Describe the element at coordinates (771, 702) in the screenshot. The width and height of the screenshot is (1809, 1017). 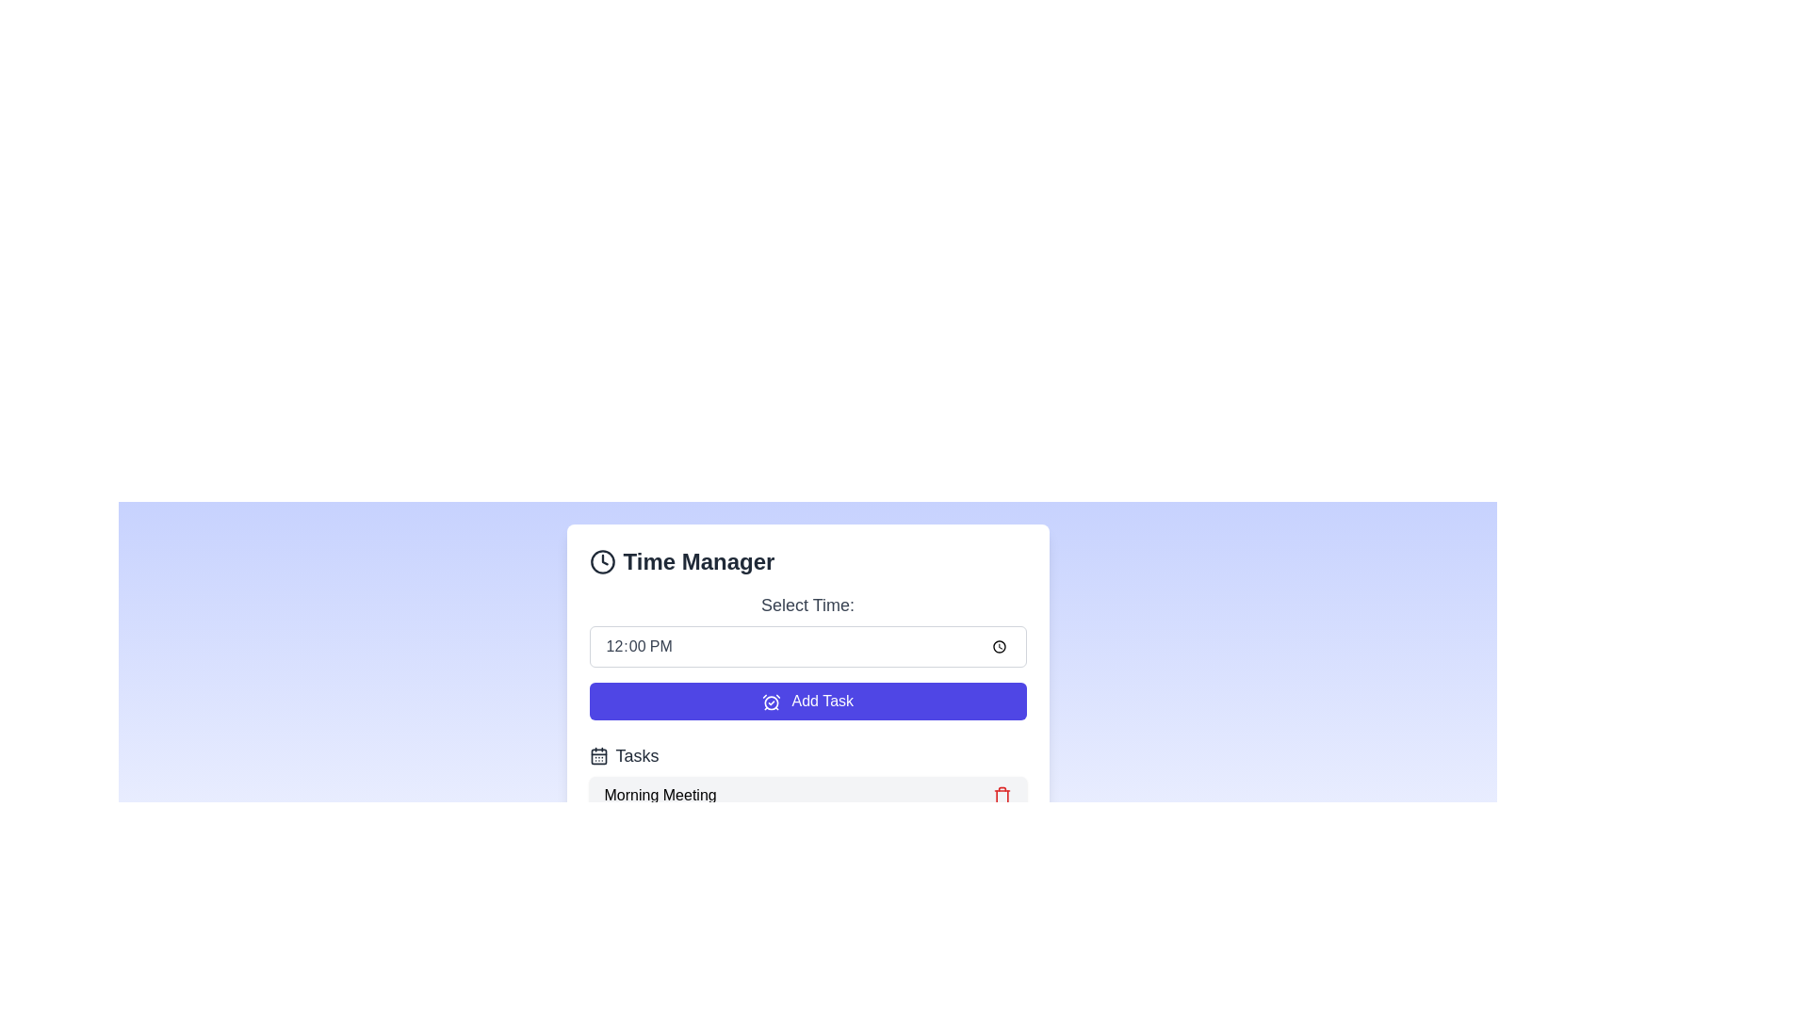
I see `the circular graphical component located inside the icon to the left of the 'Add Task' button` at that location.